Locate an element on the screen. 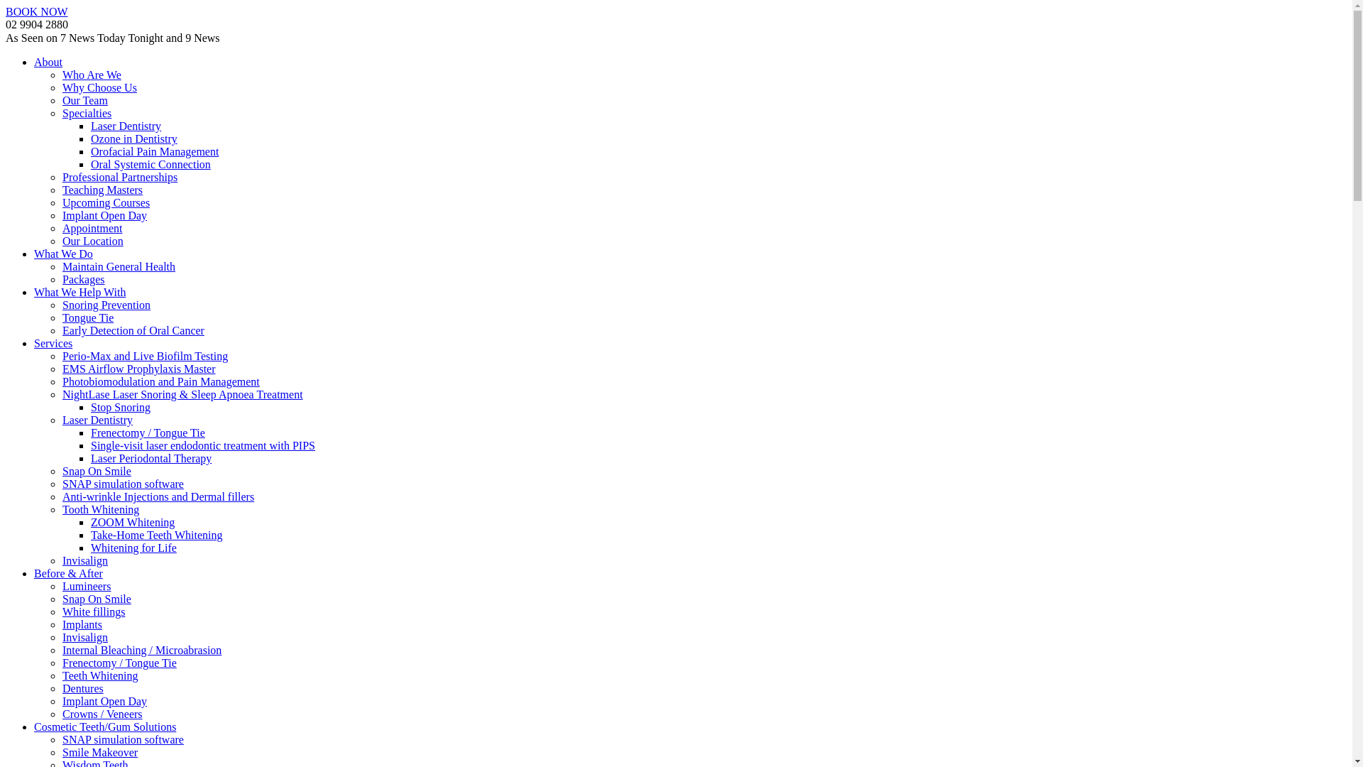 The width and height of the screenshot is (1363, 767). 'Early Detection of Oral Cancer' is located at coordinates (133, 330).